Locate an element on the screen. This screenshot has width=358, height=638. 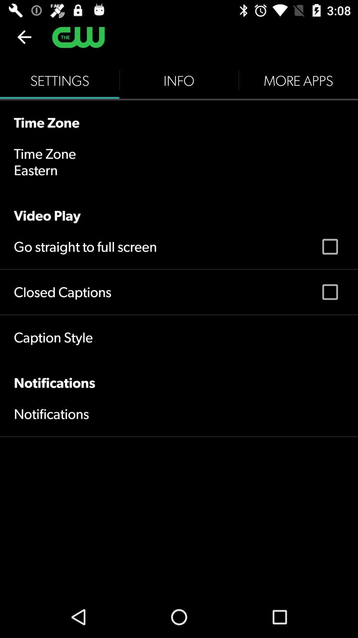
the go straight to item is located at coordinates (85, 246).